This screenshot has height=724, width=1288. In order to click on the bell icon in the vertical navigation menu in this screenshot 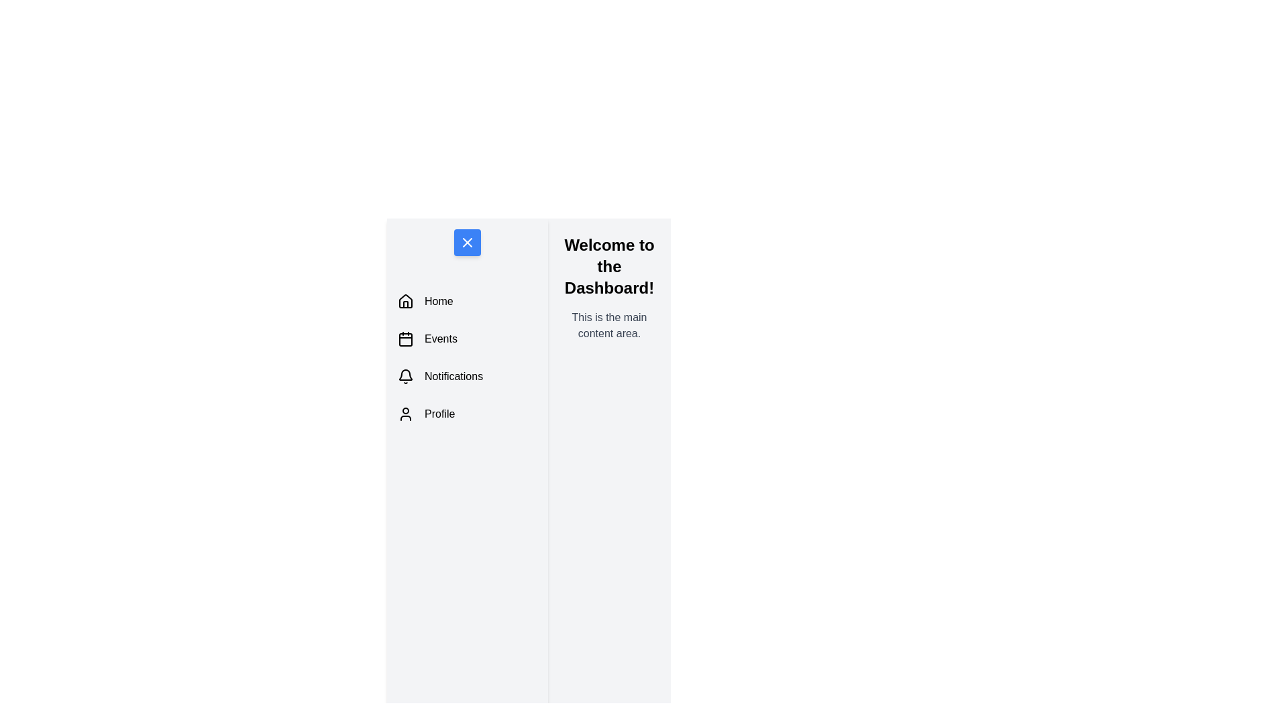, I will do `click(405, 377)`.